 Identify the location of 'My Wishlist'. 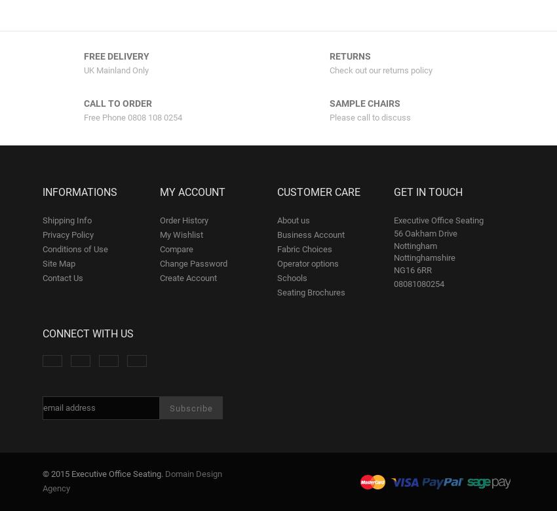
(180, 234).